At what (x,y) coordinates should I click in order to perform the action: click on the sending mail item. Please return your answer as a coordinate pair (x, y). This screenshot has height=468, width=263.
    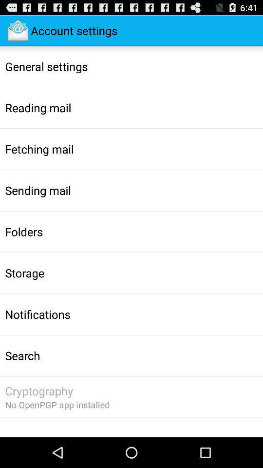
    Looking at the image, I should click on (38, 190).